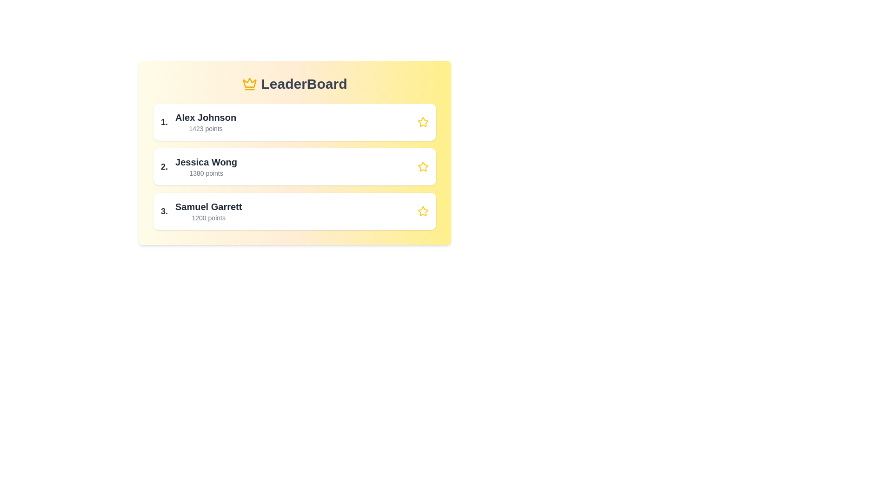 The height and width of the screenshot is (502, 893). What do you see at coordinates (294, 211) in the screenshot?
I see `the entry of player Samuel Garrett` at bounding box center [294, 211].